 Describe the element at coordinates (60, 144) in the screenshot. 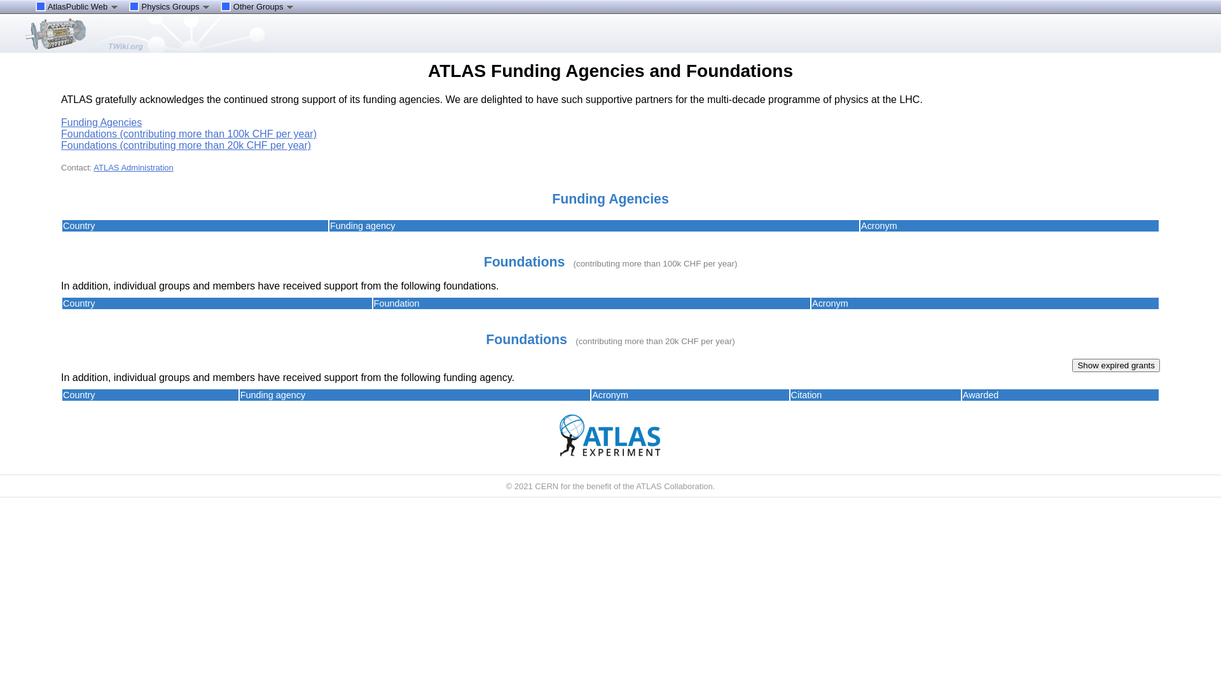

I see `'Foundations (contributing more than 20k CHF per year)'` at that location.